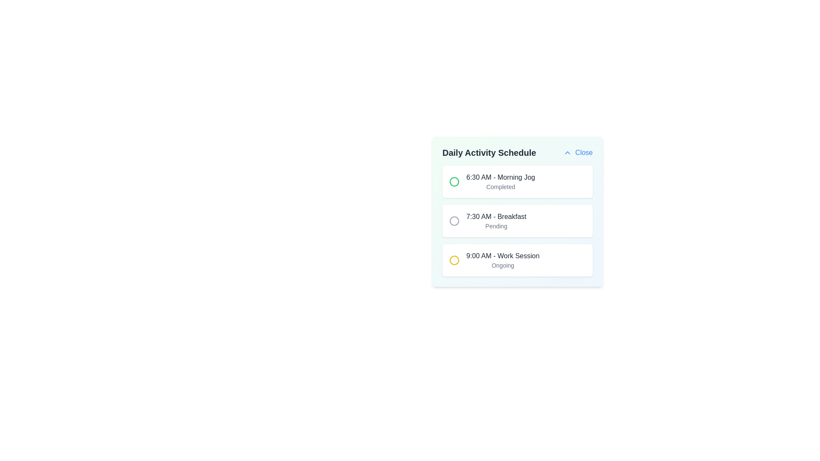 Image resolution: width=820 pixels, height=461 pixels. Describe the element at coordinates (496, 220) in the screenshot. I see `the 'Breakfast' schedule entry at 7:30 AM, which is the second item in the 'Daily Activity Schedule' list, to view further details about this activity` at that location.